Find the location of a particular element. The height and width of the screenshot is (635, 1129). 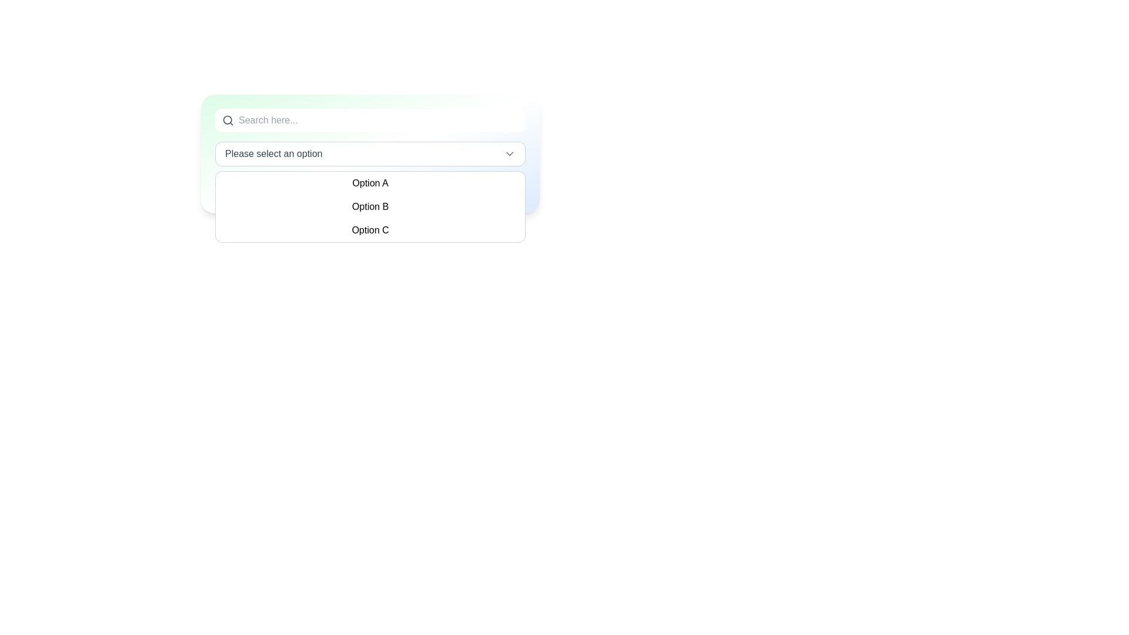

the selectable text option labeled 'Option B' is located at coordinates (369, 206).